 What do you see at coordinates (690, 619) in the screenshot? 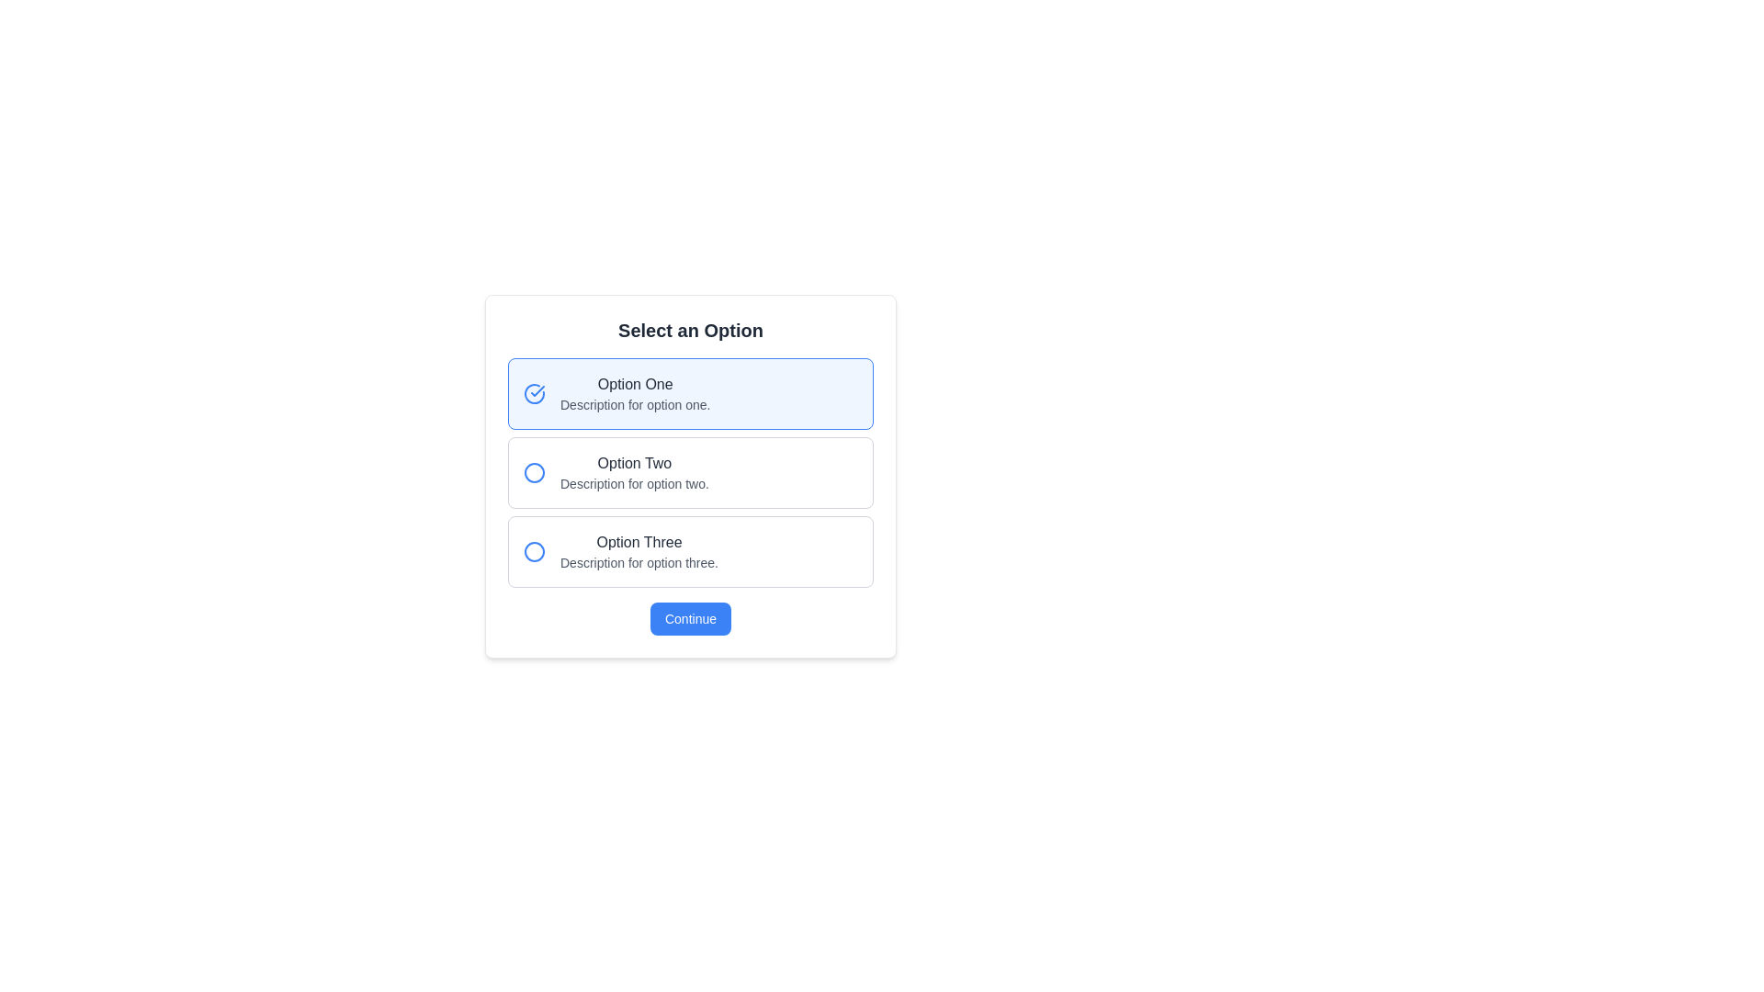
I see `the rectangular button with rounded corners that has a blue background and contains the text 'Continue' in white to trigger the hover effect` at bounding box center [690, 619].